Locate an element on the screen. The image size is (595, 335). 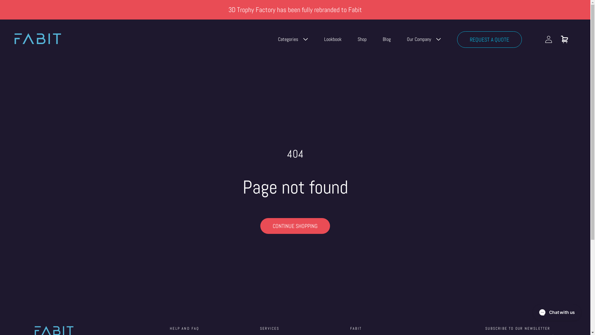
'Gorgias live chat messenger' is located at coordinates (557, 312).